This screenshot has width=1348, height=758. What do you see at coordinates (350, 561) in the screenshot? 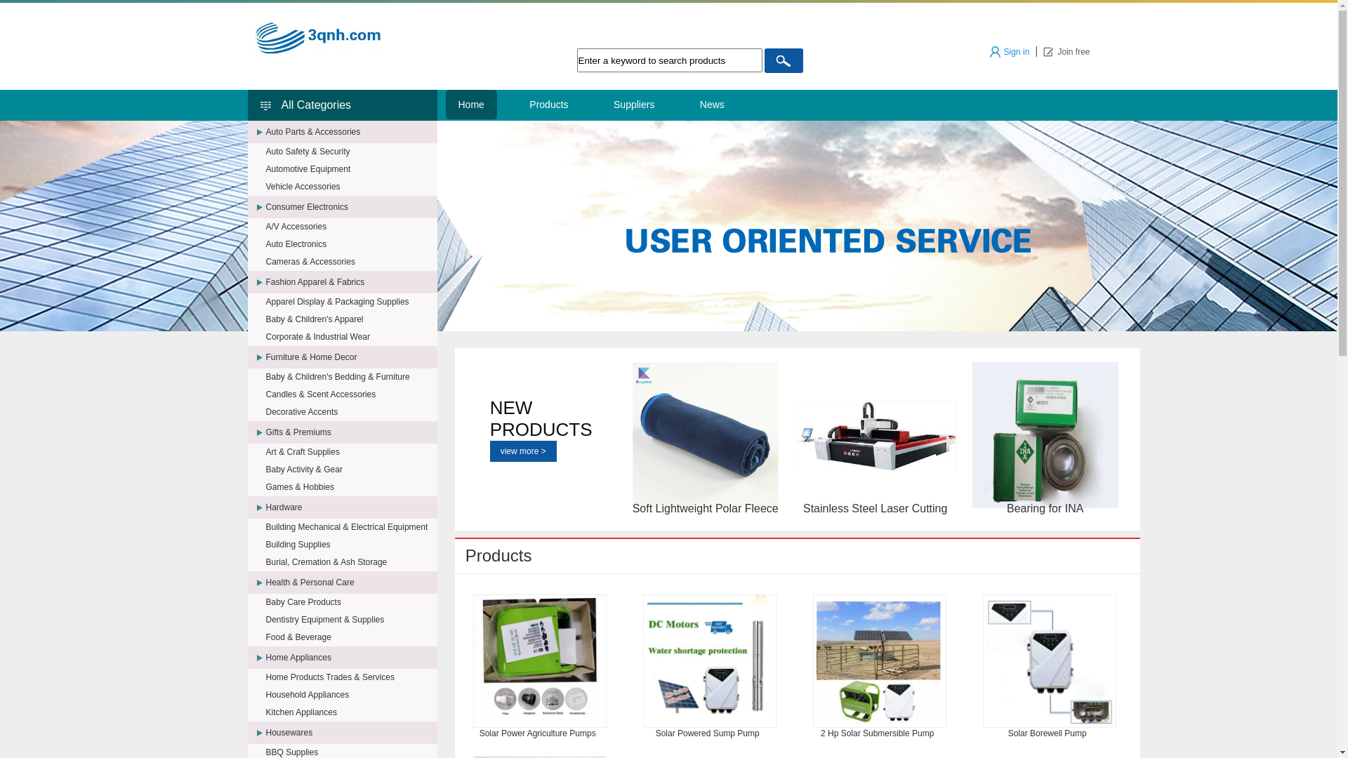
I see `'Burial, Cremation & Ash Storage'` at bounding box center [350, 561].